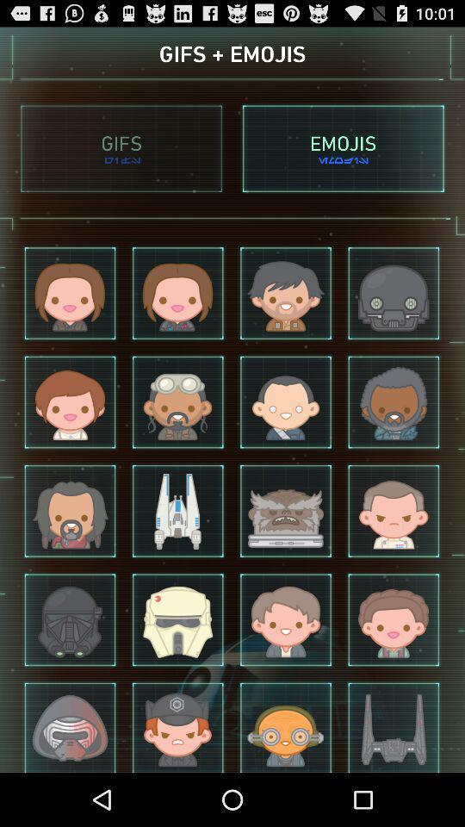  What do you see at coordinates (177, 725) in the screenshot?
I see `the second image in the fifth row` at bounding box center [177, 725].